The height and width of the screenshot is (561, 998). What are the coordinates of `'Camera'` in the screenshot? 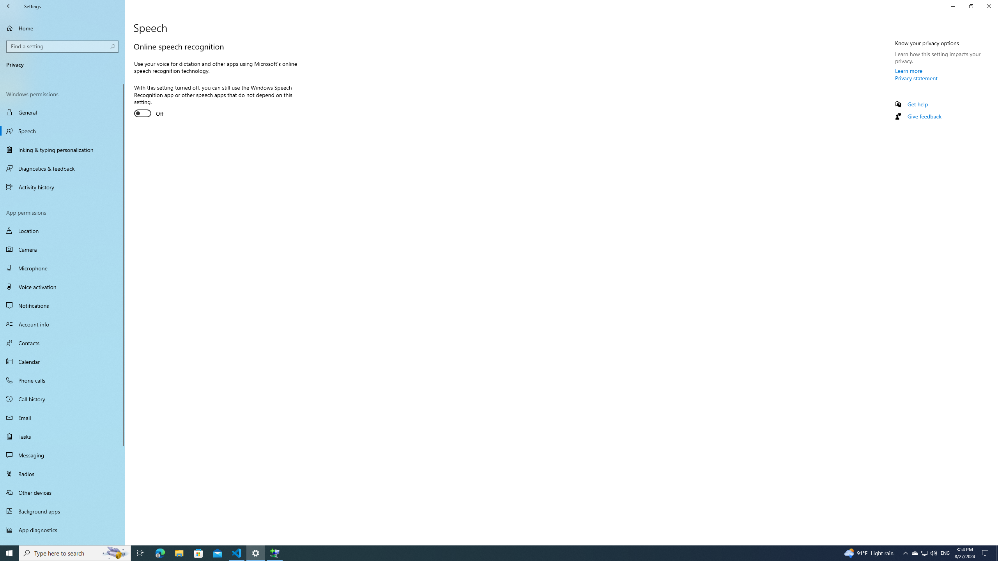 It's located at (62, 249).